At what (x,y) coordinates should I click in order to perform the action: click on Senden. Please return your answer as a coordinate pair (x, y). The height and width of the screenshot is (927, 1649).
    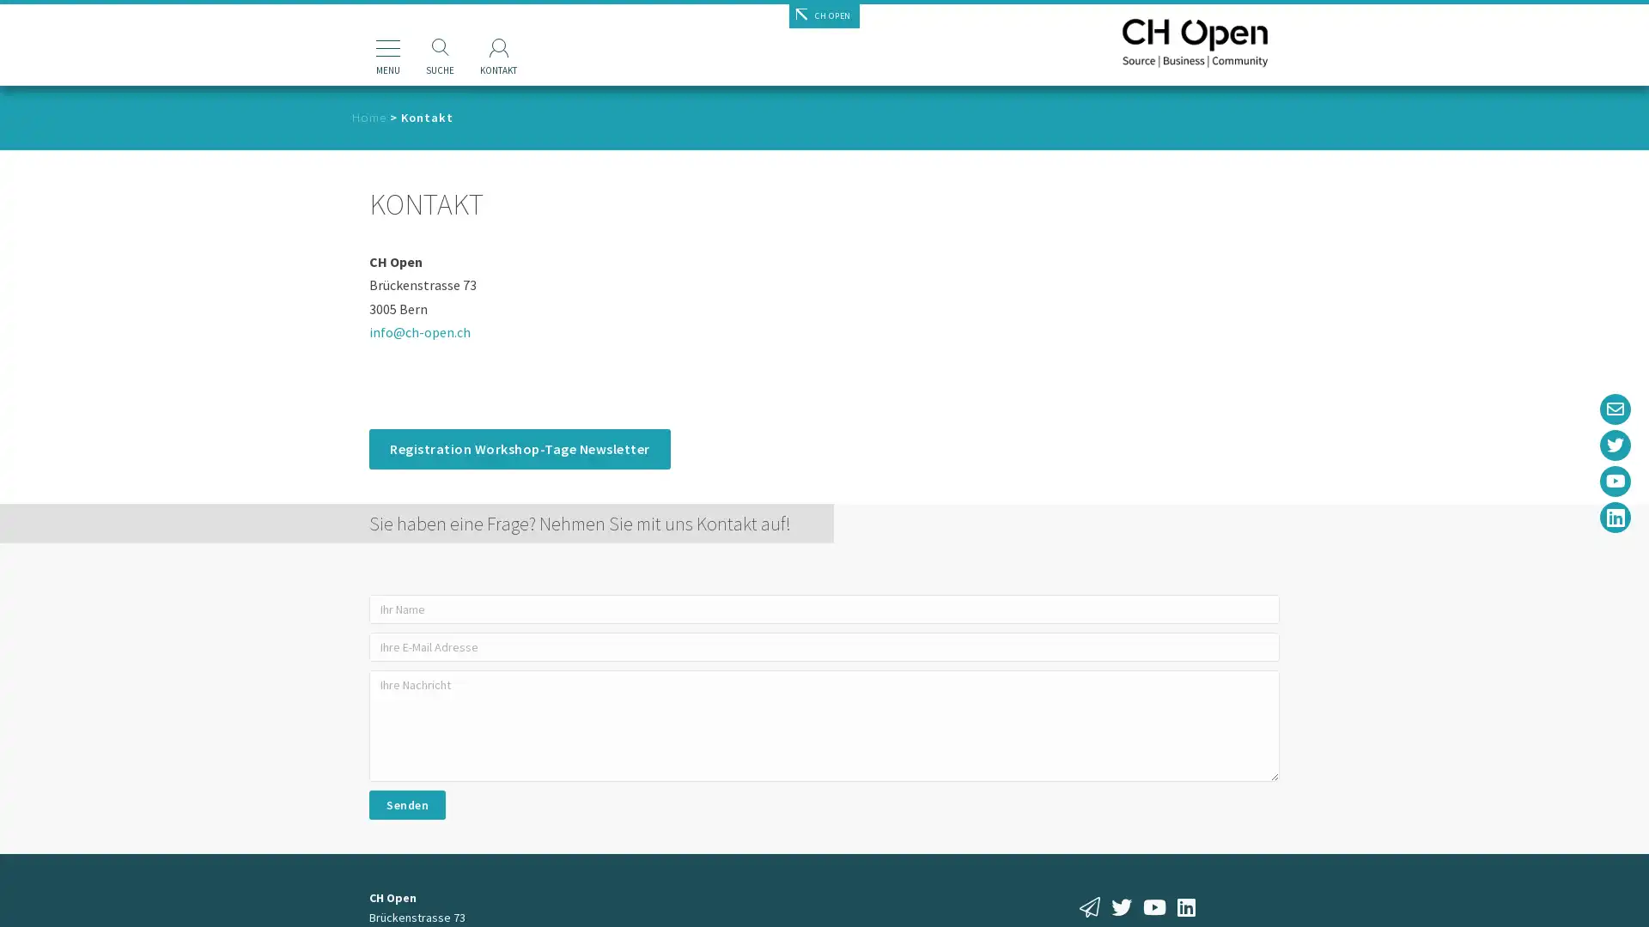
    Looking at the image, I should click on (406, 804).